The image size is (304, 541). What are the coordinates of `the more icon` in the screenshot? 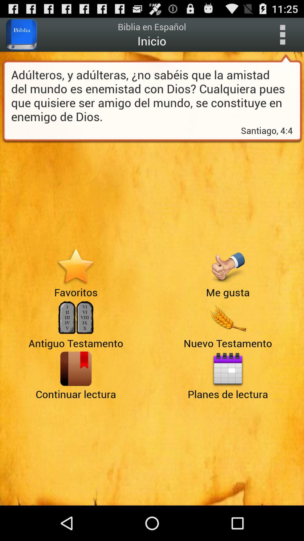 It's located at (282, 37).